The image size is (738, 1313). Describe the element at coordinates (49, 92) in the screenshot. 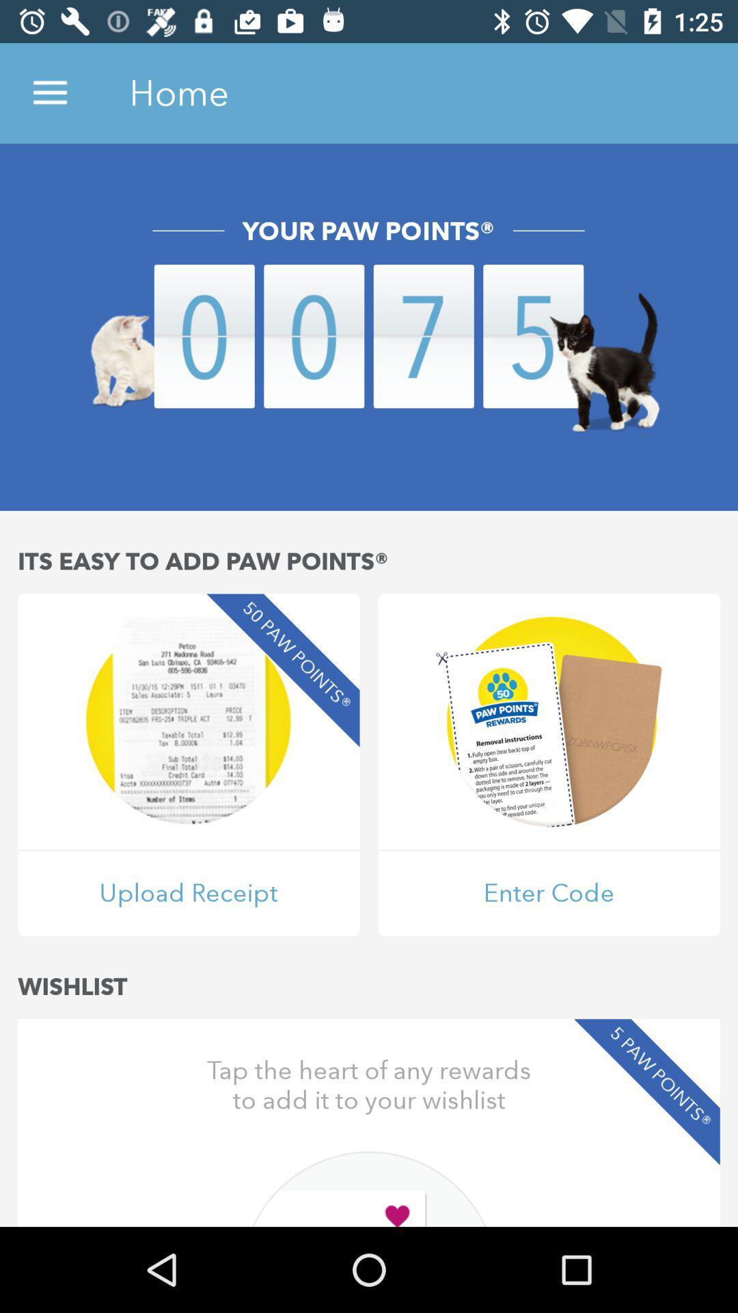

I see `icon next to home item` at that location.